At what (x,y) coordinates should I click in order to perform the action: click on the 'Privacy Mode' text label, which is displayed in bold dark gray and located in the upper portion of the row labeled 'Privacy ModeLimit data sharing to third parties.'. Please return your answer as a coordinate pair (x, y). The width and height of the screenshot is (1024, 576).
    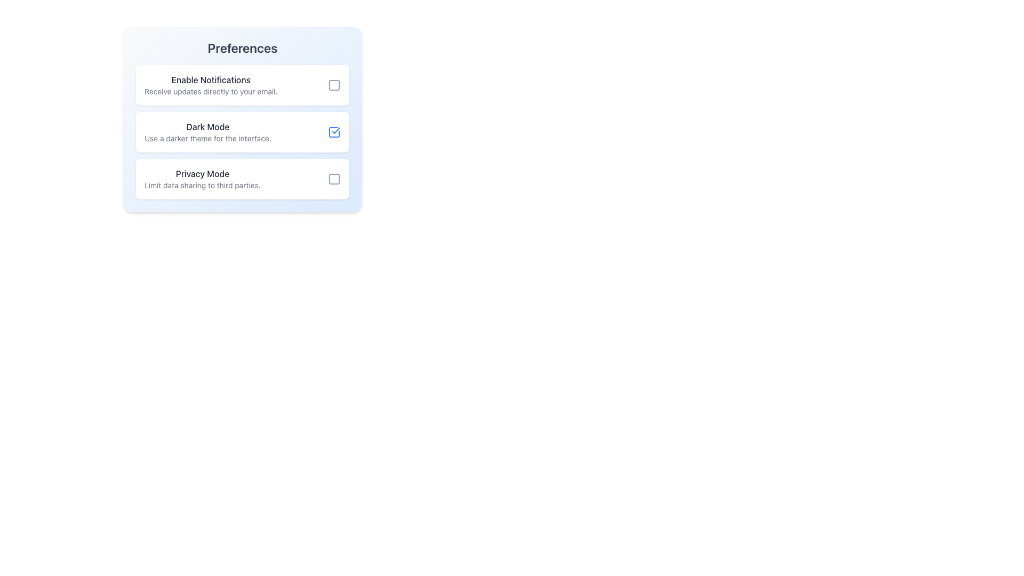
    Looking at the image, I should click on (202, 173).